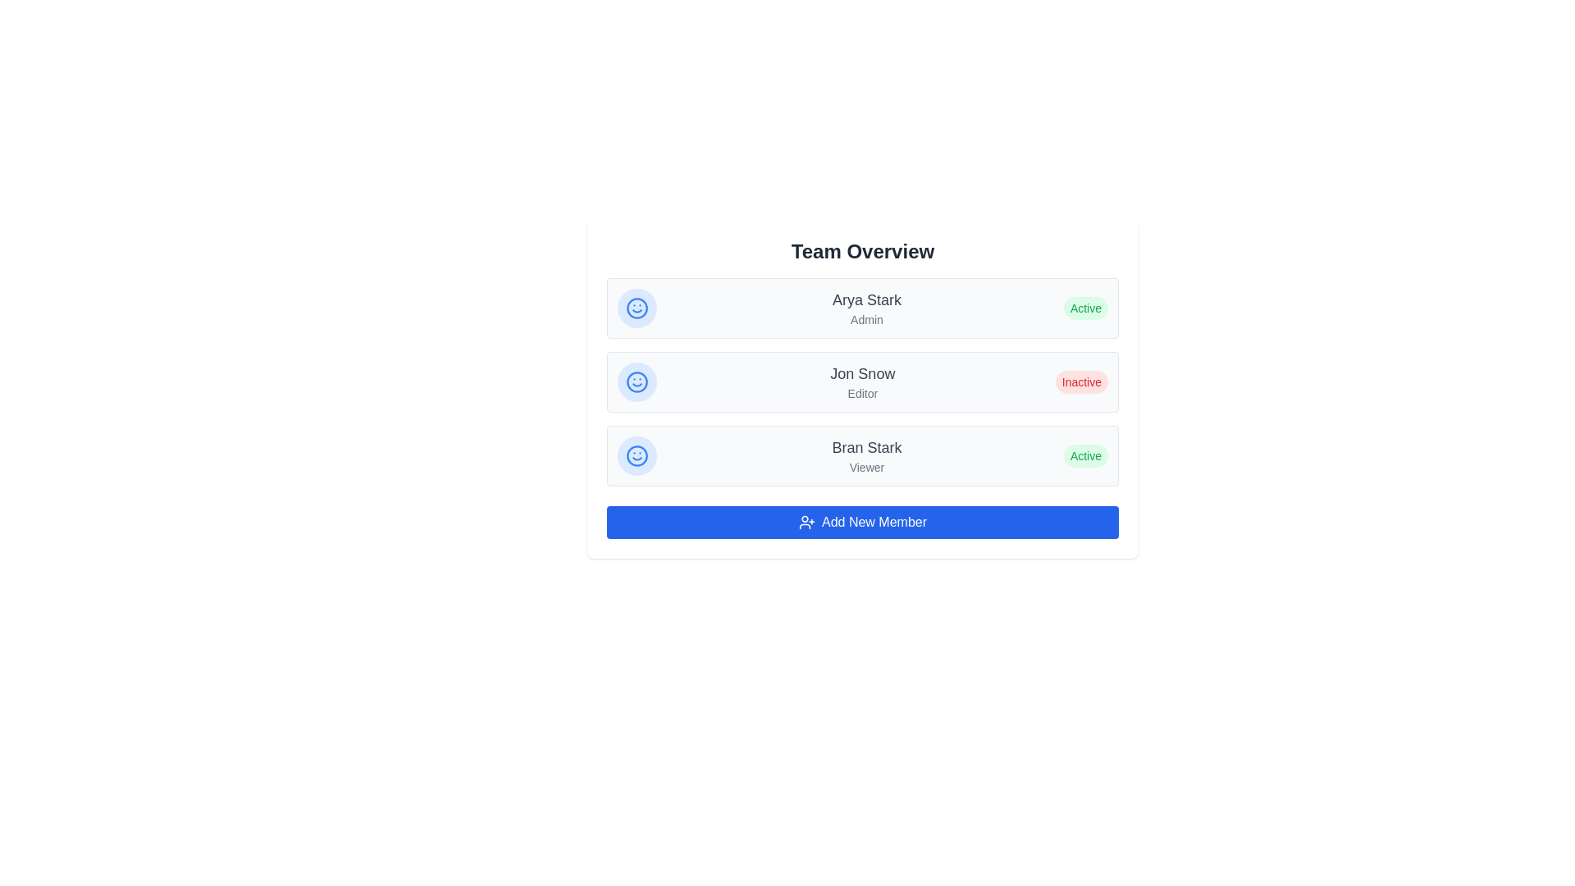 The height and width of the screenshot is (886, 1575). I want to click on the user profile icon for the user with the name and role displayed as 'Viewer' and 'Active' in the third position of the vertically stacked list, so click(861, 455).